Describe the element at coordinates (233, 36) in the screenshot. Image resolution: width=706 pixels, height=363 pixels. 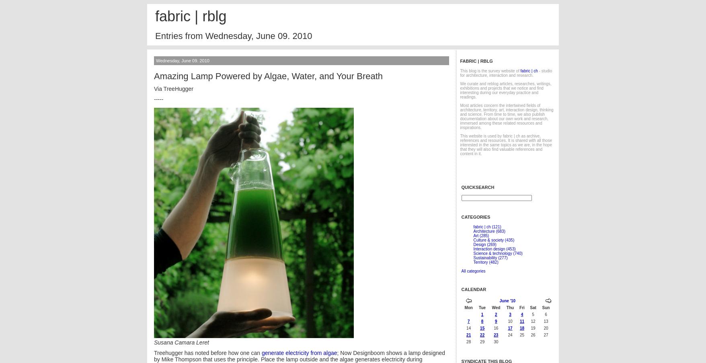
I see `'Entries from Wednesday, June 09. 2010'` at that location.